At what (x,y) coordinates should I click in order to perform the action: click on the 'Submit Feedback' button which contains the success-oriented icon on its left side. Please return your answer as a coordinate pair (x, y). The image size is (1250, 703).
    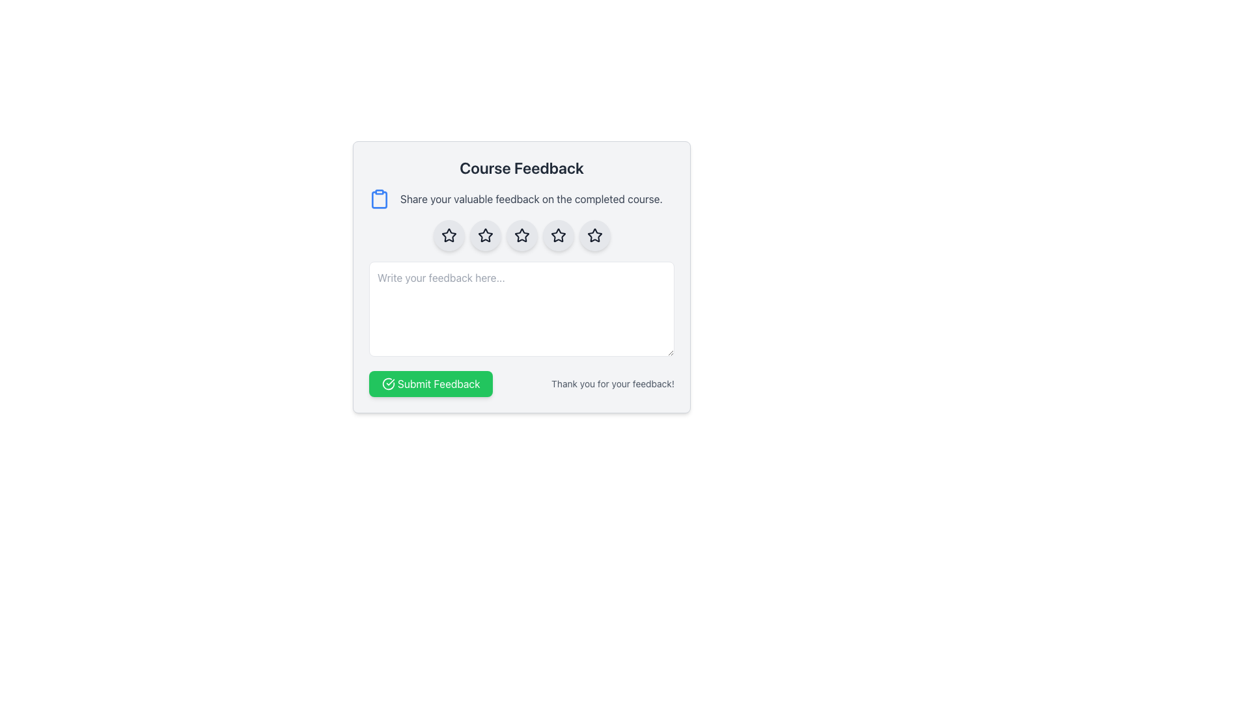
    Looking at the image, I should click on (387, 383).